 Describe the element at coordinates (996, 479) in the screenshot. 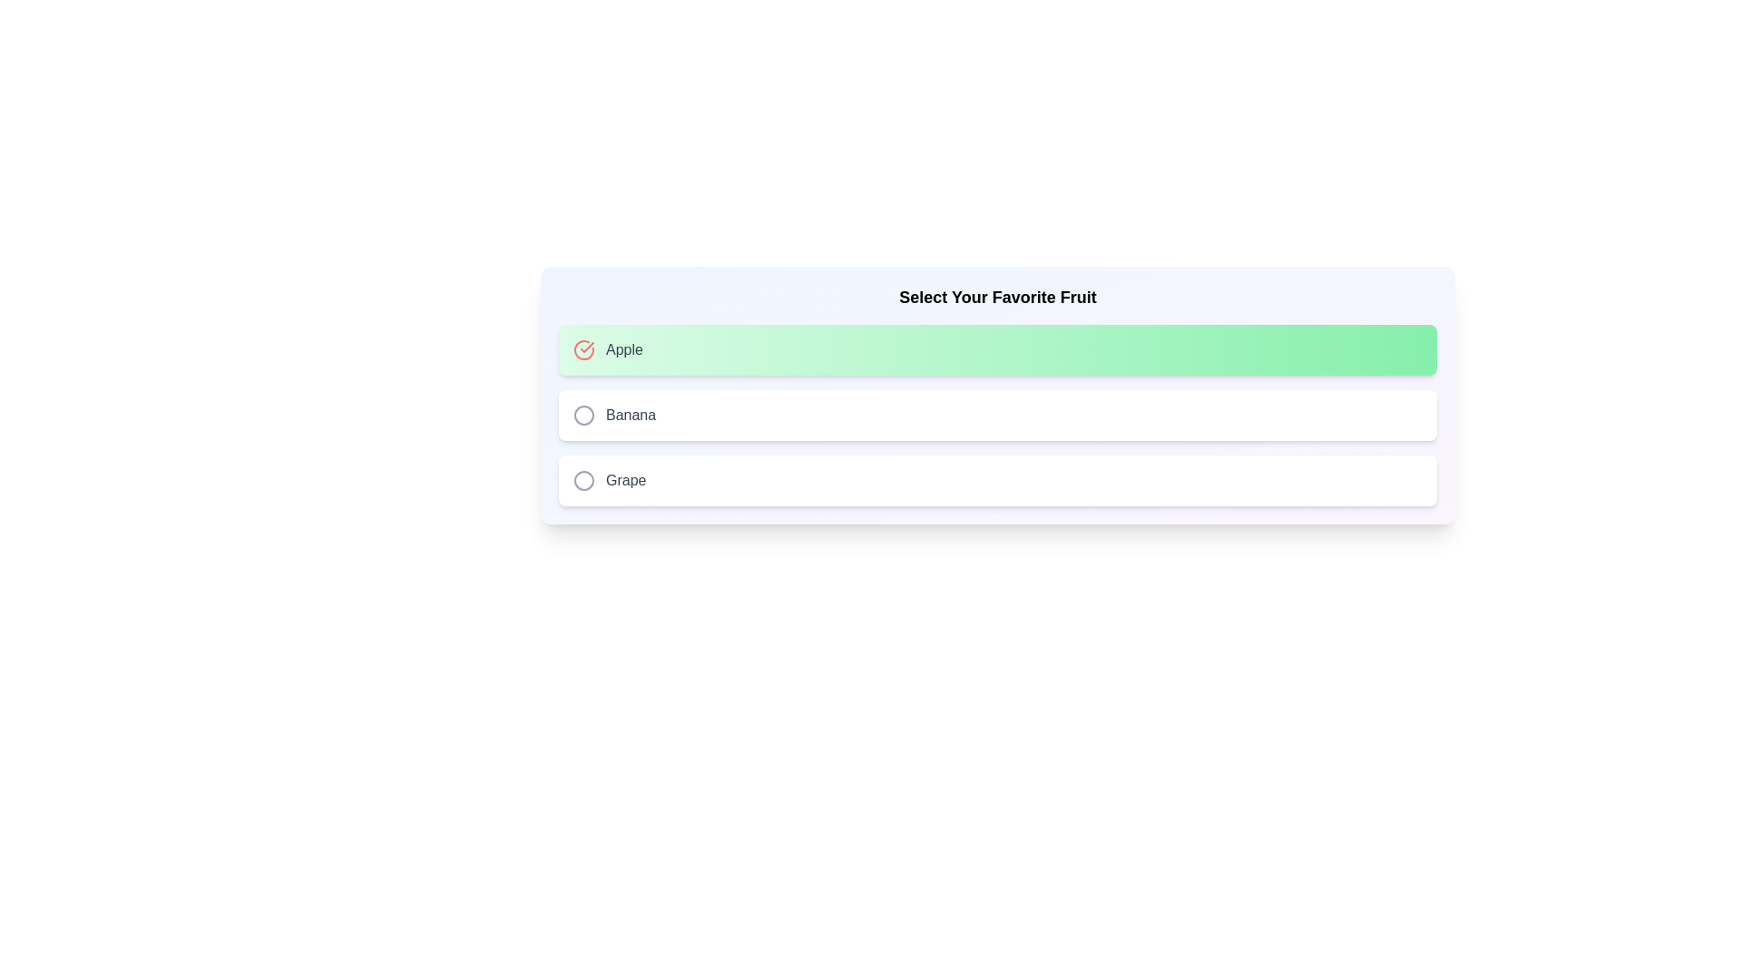

I see `the 'Grape' radio button option for accessibility navigation` at that location.